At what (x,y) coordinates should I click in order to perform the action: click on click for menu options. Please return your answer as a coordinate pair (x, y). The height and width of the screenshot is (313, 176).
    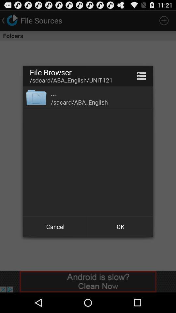
    Looking at the image, I should click on (141, 76).